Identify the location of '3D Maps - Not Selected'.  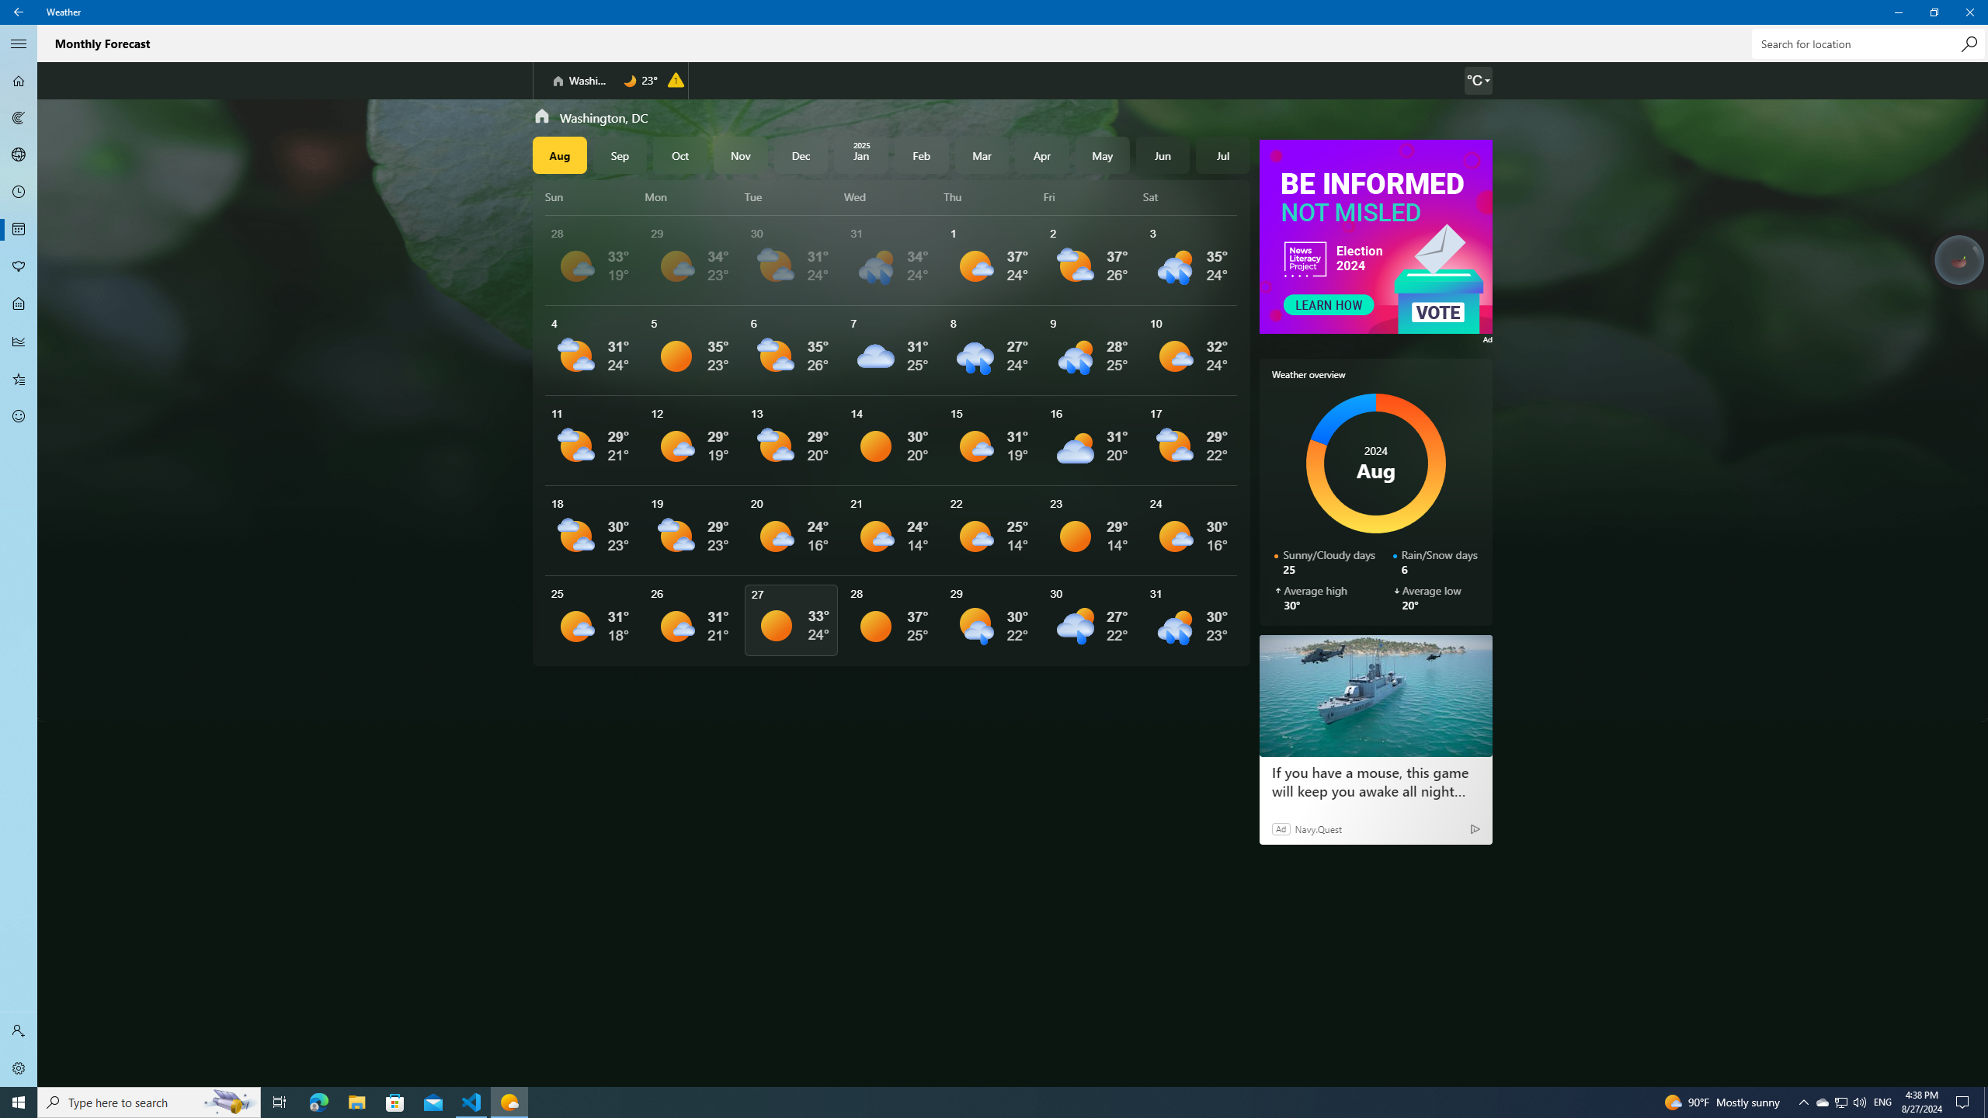
(19, 155).